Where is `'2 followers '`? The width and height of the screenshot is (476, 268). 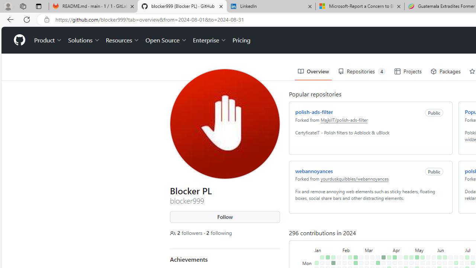
'2 followers ' is located at coordinates (187, 232).